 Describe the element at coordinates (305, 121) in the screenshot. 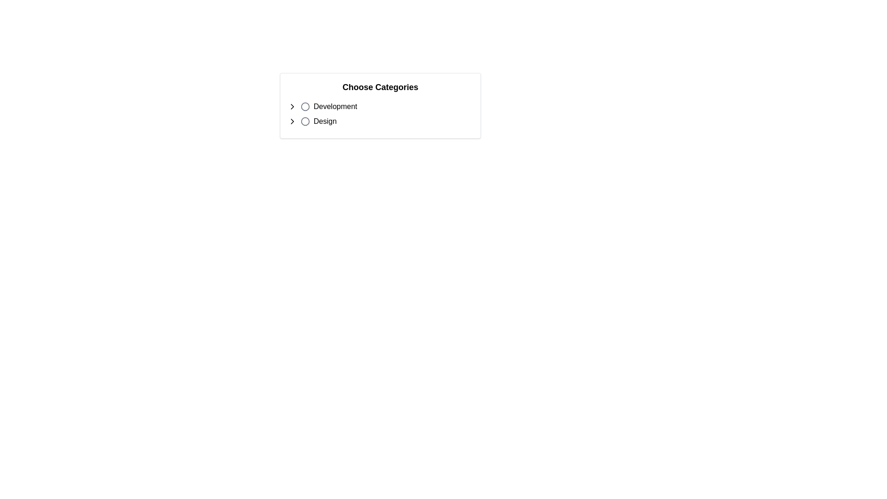

I see `the circular button with a gray outline and light background located next to the text 'Design'` at that location.